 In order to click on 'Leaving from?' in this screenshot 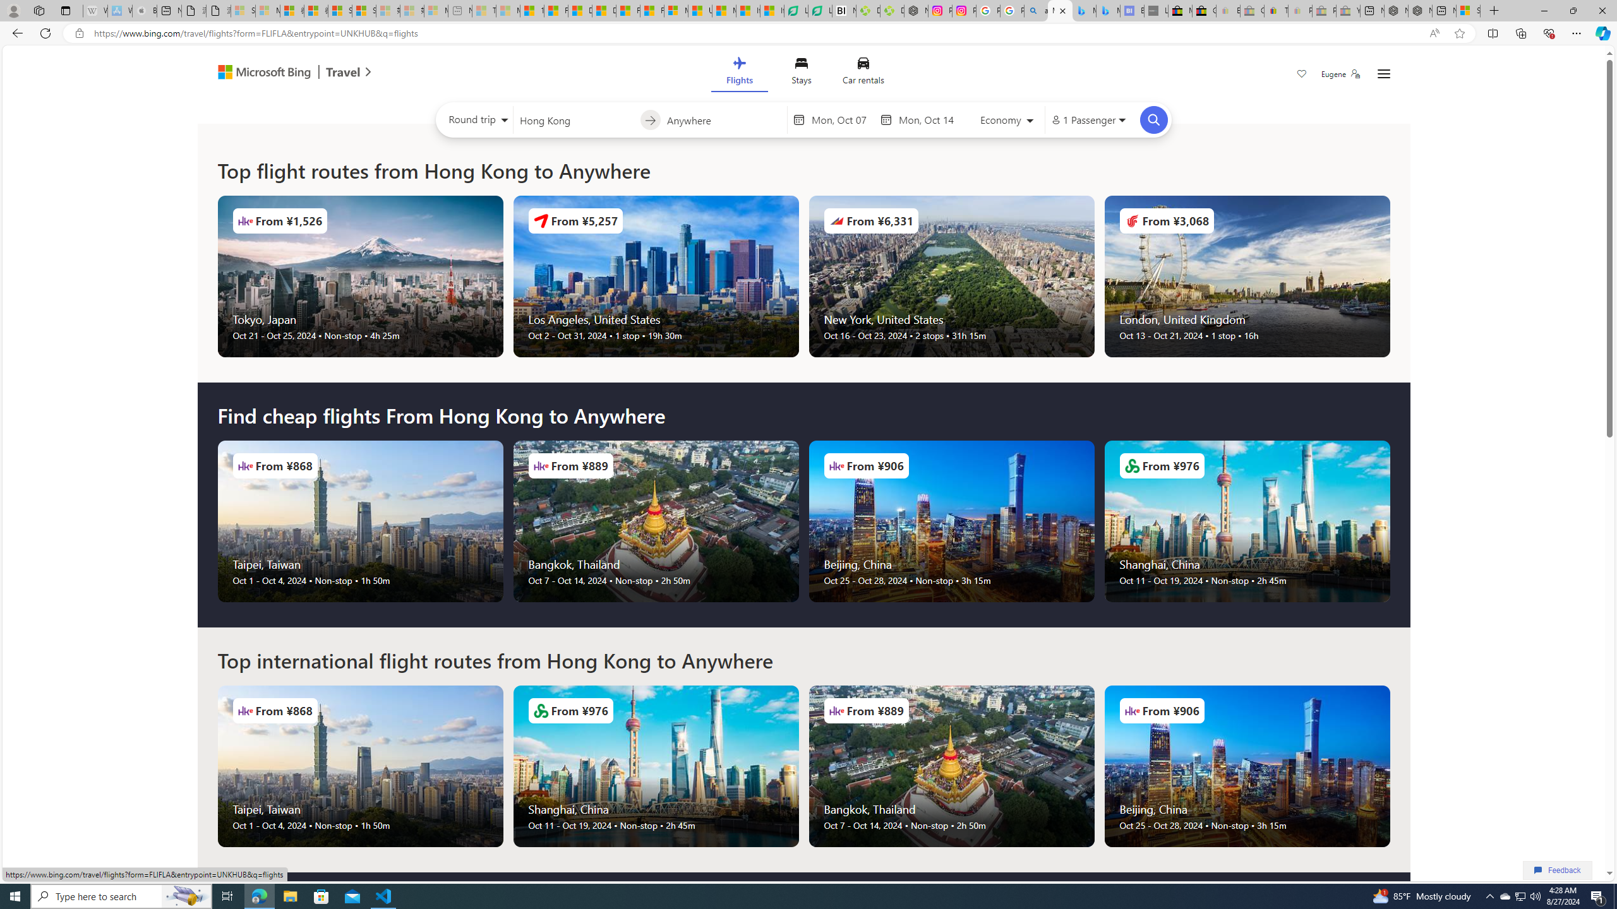, I will do `click(576, 119)`.